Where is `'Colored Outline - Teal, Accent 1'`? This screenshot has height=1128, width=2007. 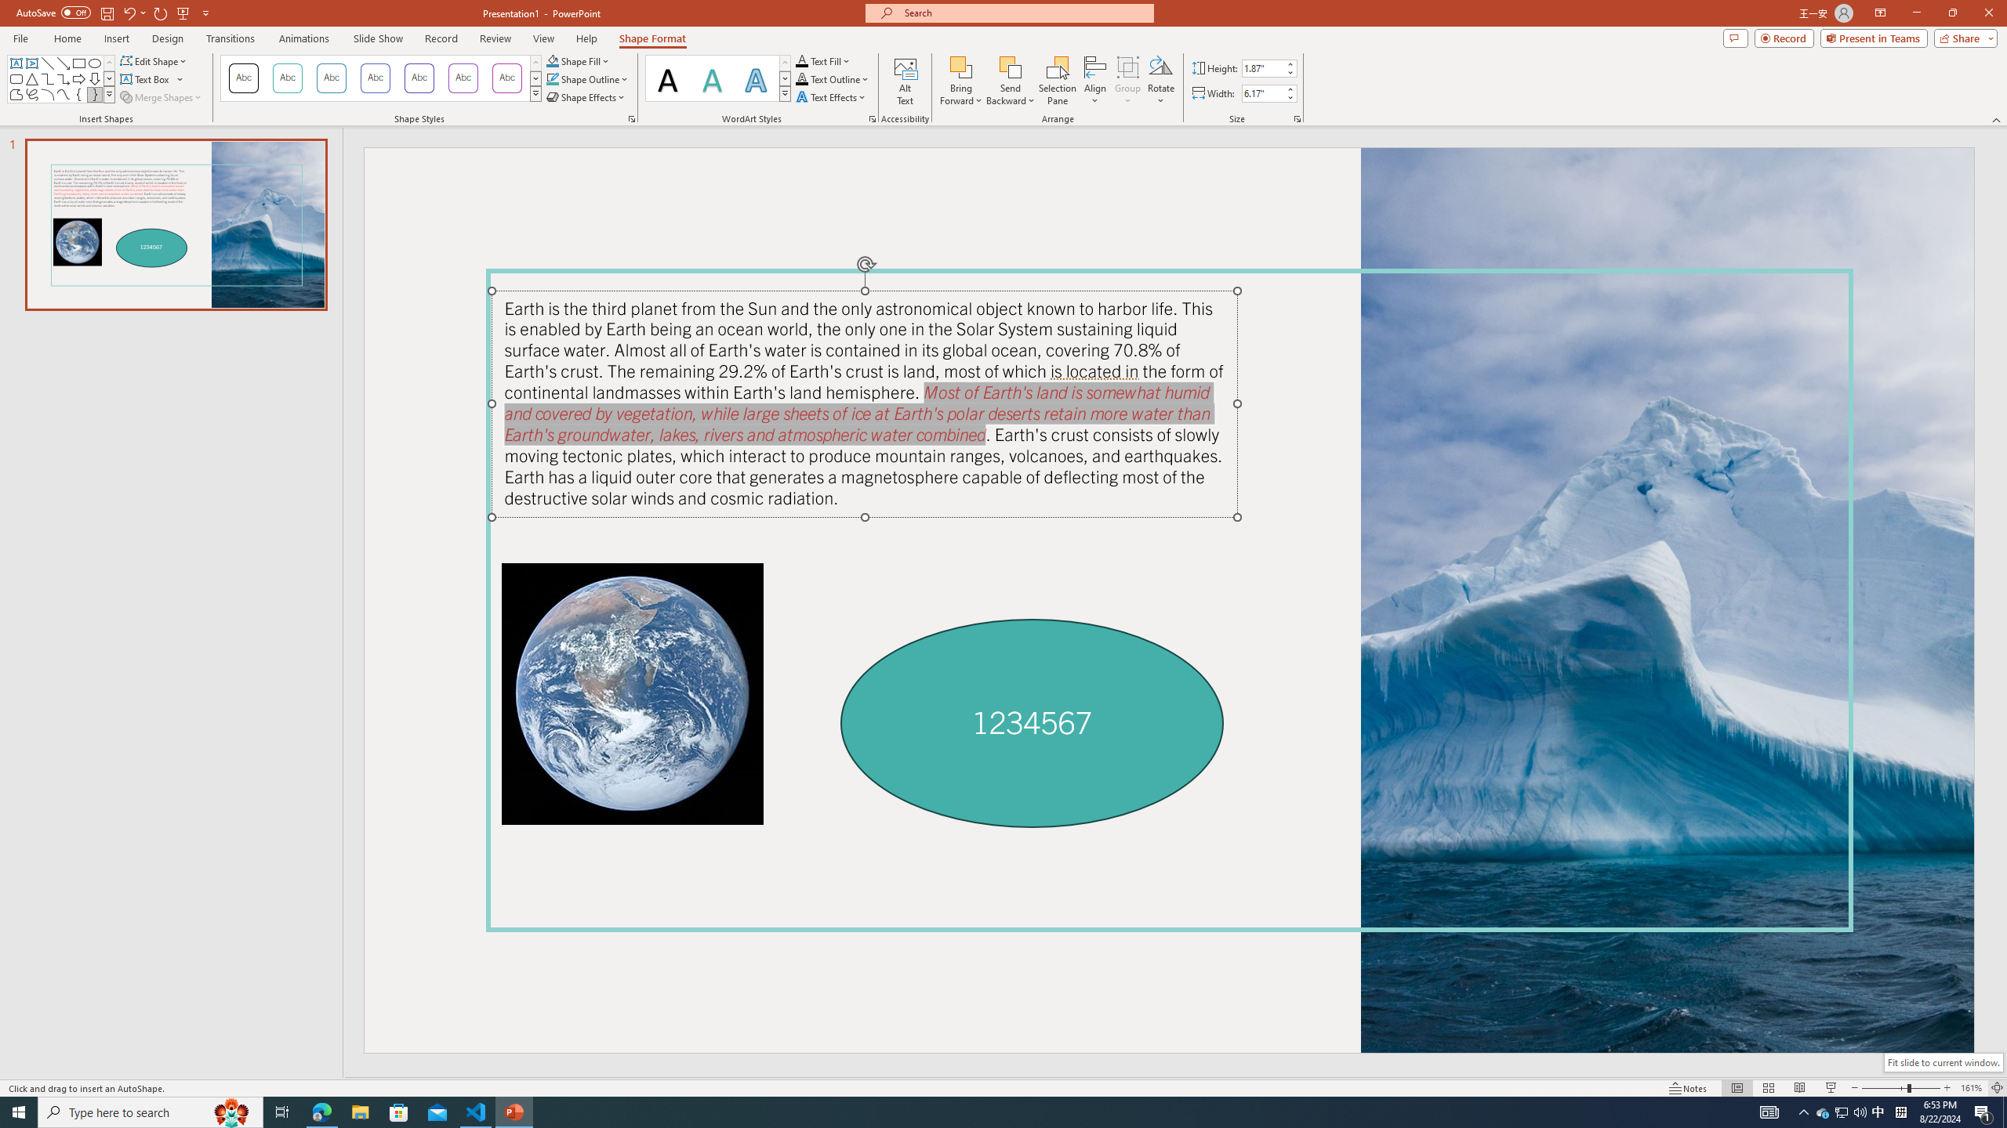
'Colored Outline - Teal, Accent 1' is located at coordinates (287, 78).